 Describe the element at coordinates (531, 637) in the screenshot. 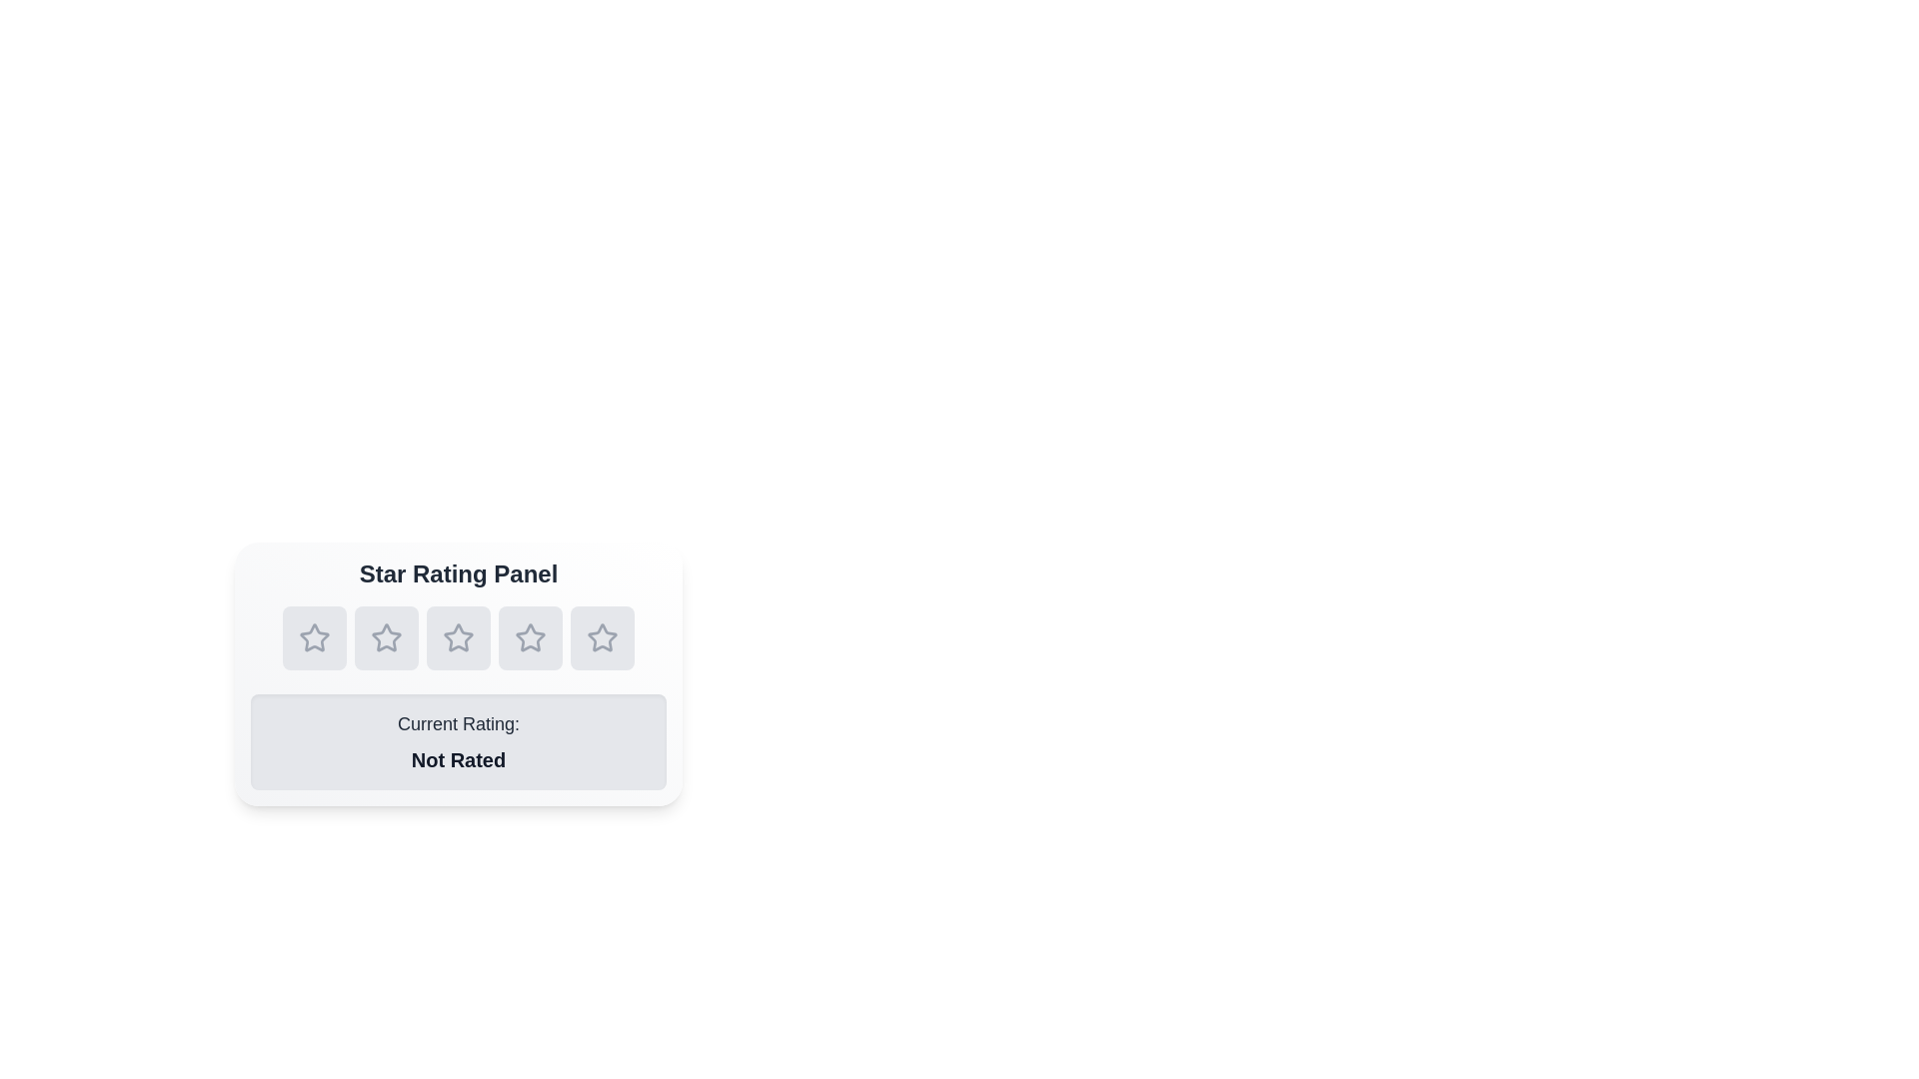

I see `the fourth star in the Star Rating Panel` at that location.